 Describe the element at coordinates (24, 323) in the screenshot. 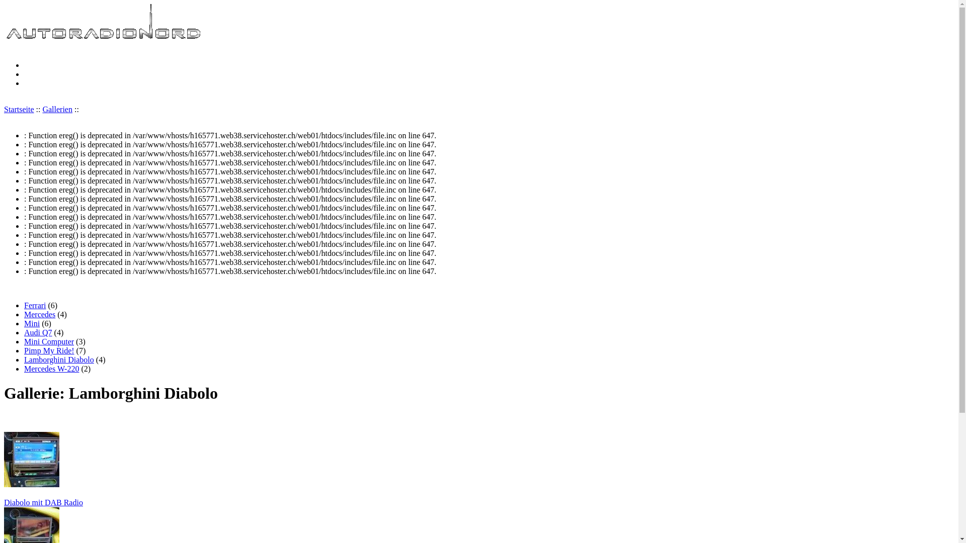

I see `'Mini'` at that location.